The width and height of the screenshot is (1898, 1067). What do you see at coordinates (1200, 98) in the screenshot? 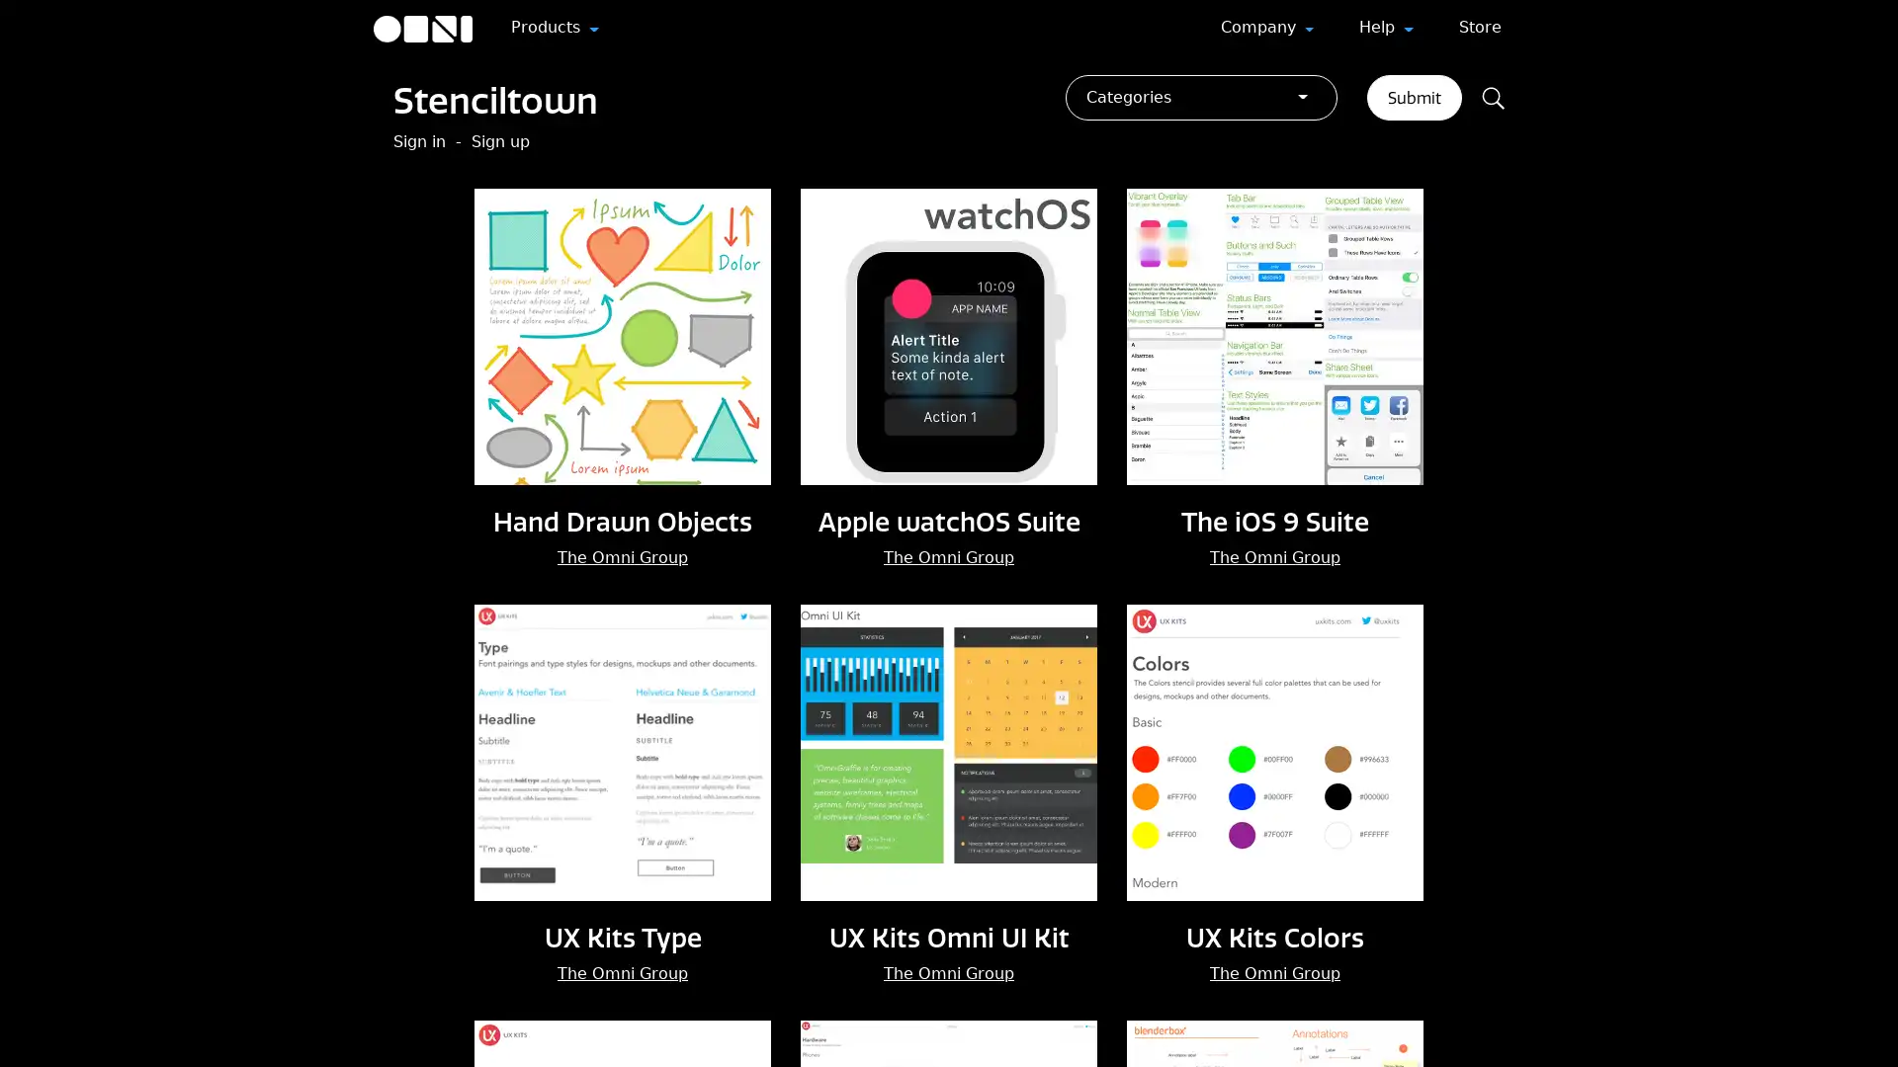
I see `Categories` at bounding box center [1200, 98].